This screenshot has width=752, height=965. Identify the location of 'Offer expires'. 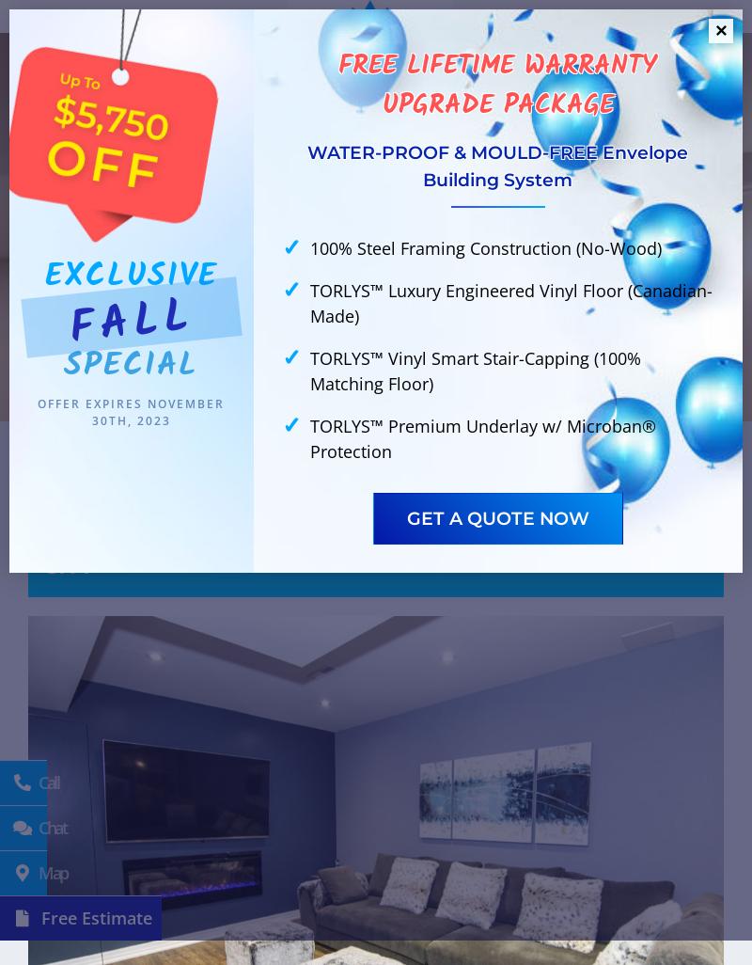
(92, 403).